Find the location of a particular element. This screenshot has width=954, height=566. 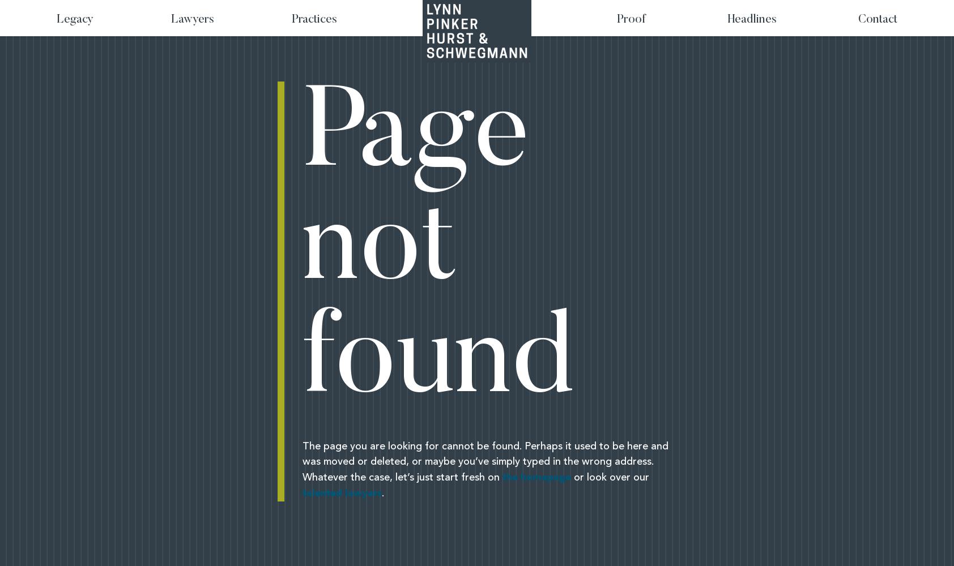

'.' is located at coordinates (382, 493).